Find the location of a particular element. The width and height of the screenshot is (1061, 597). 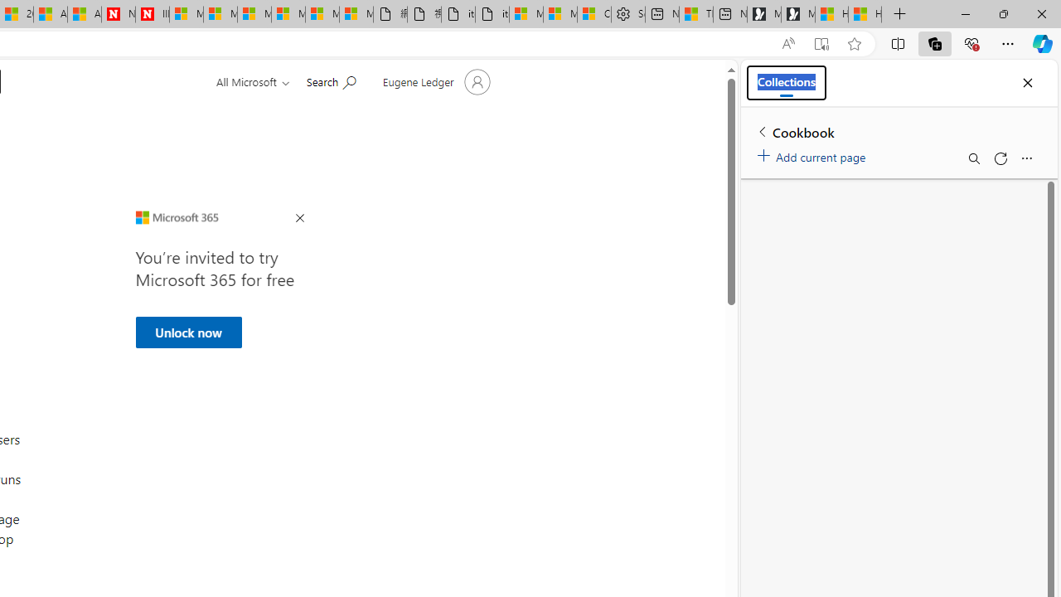

'Newsweek - News, Analysis, Politics, Business, Technology' is located at coordinates (117, 14).